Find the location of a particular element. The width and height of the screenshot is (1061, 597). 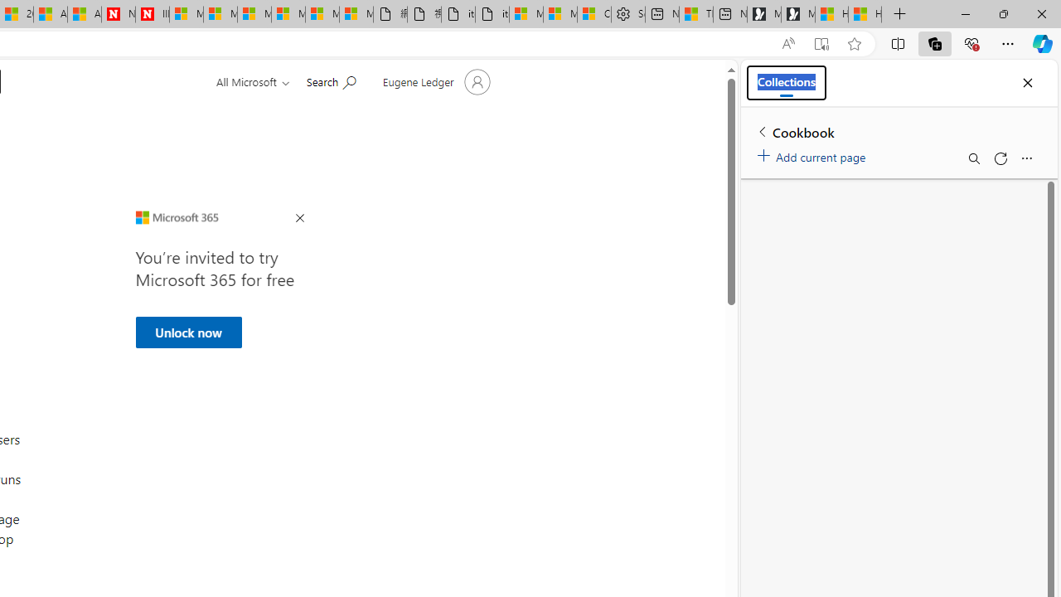

'Newsweek - News, Analysis, Politics, Business, Technology' is located at coordinates (117, 14).